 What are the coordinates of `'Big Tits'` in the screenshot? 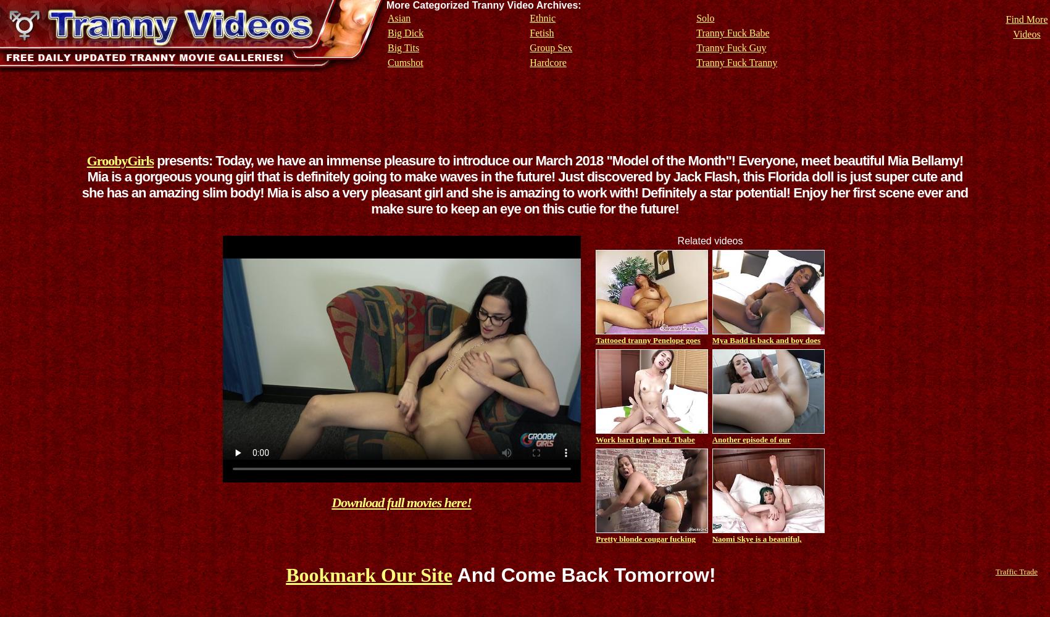 It's located at (402, 47).